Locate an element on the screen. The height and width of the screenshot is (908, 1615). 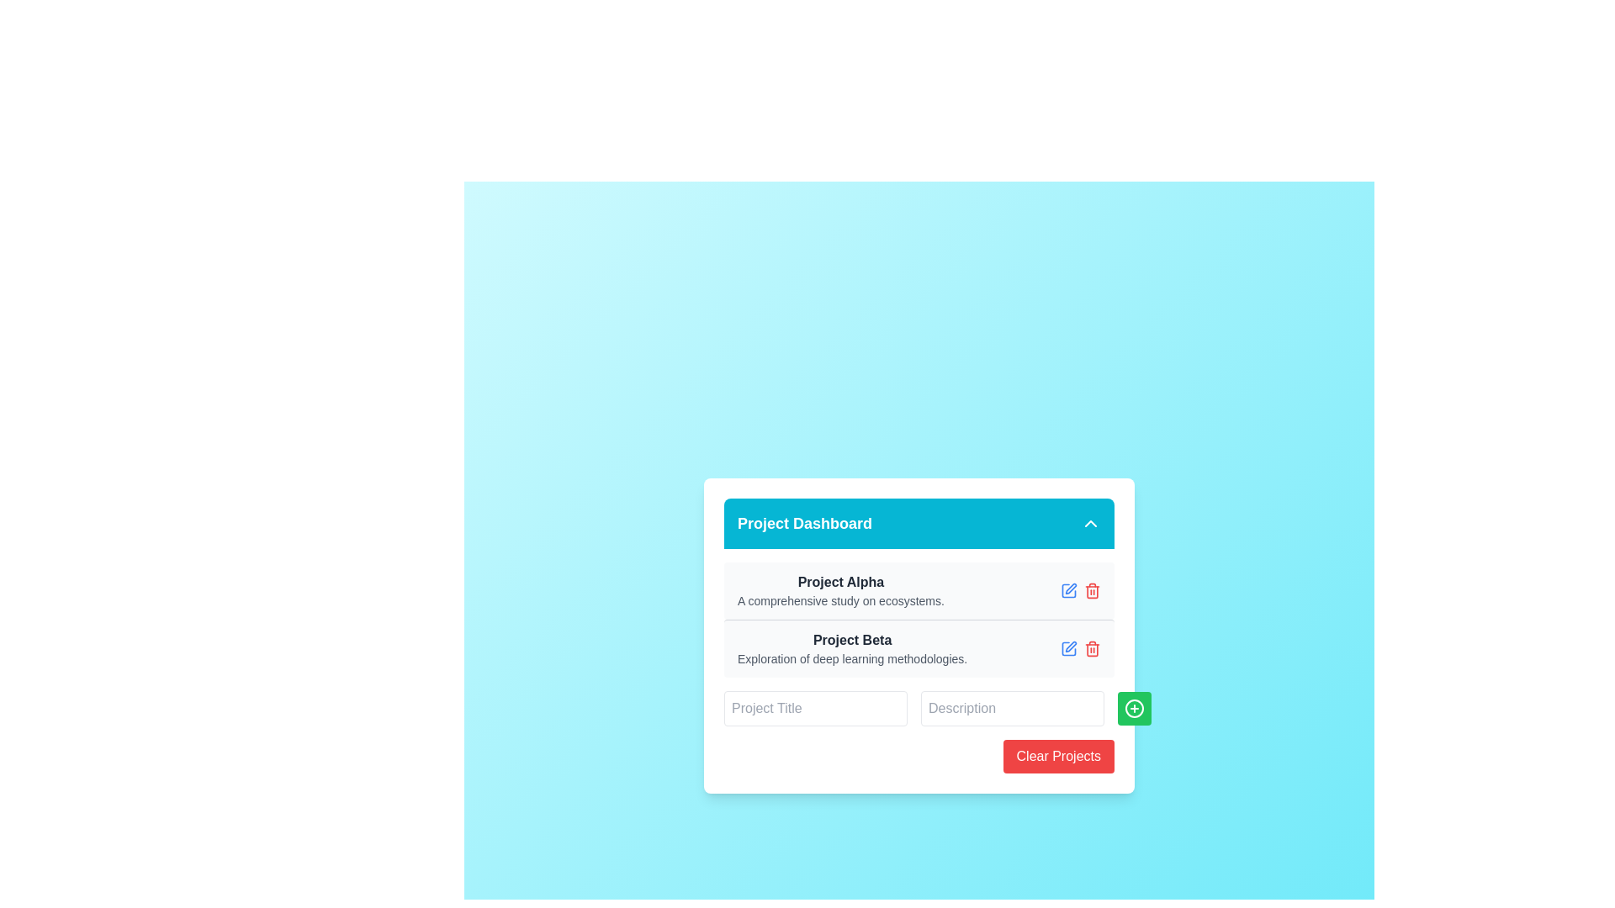
the clear projects button located at the bottom-right corner of the 'Project Dashboard' to change its color is located at coordinates (1057, 755).